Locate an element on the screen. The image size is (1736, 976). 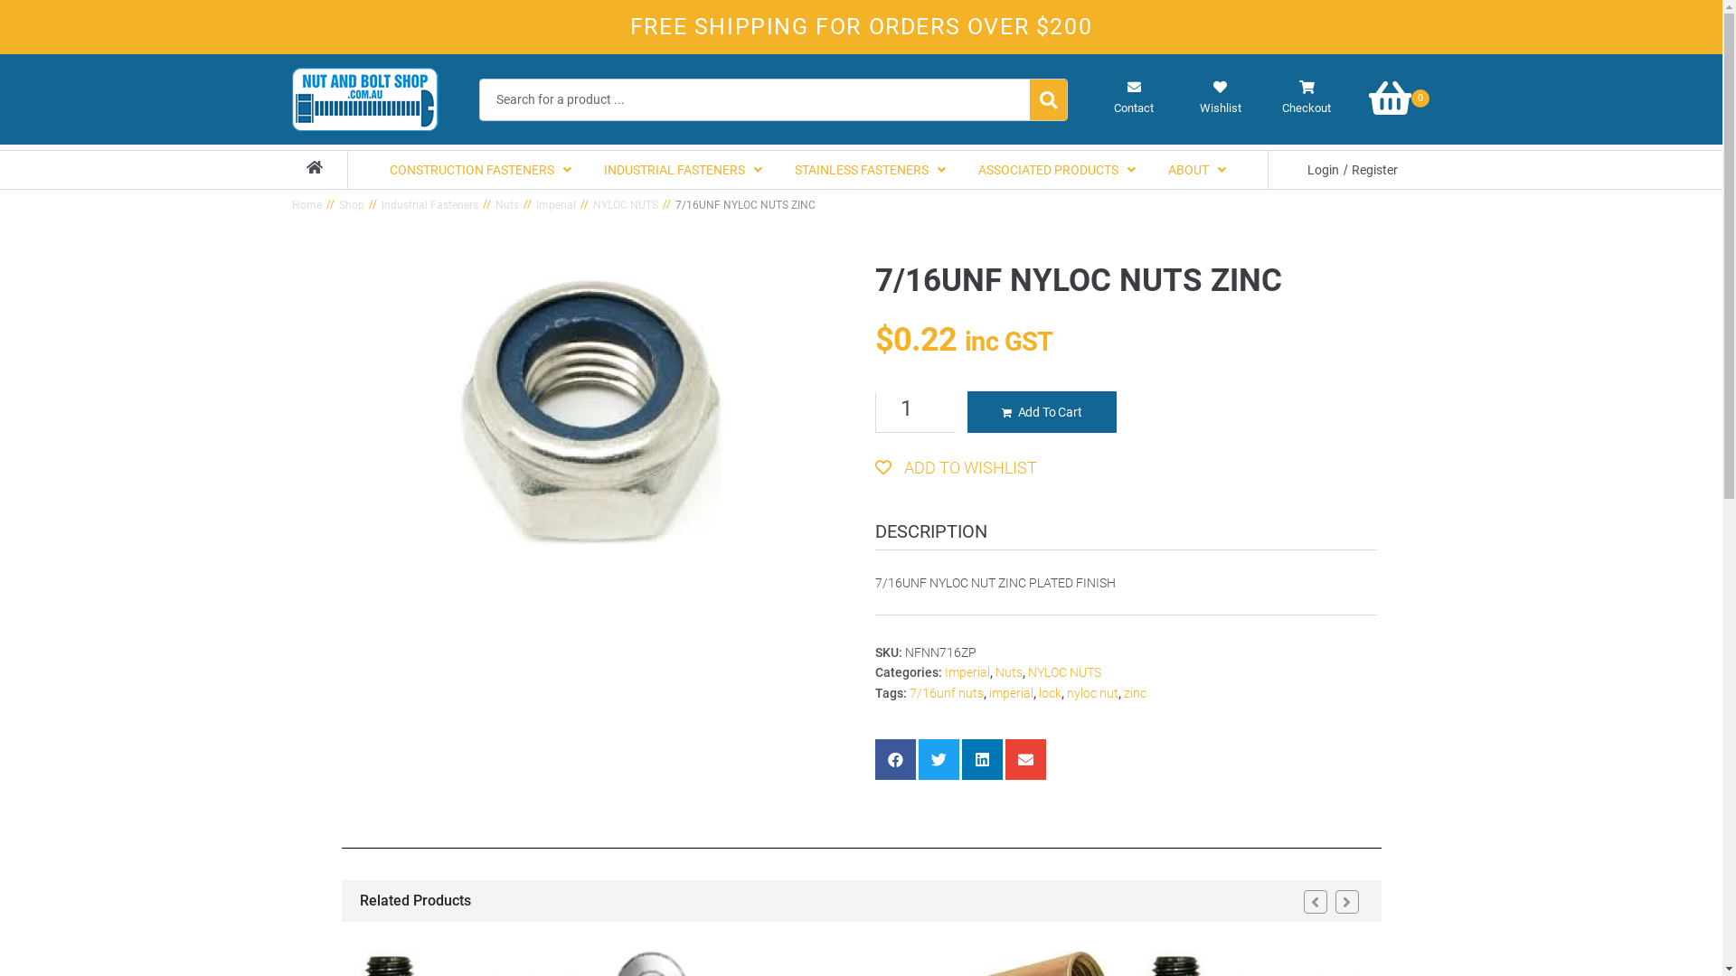
'imperial' is located at coordinates (988, 692).